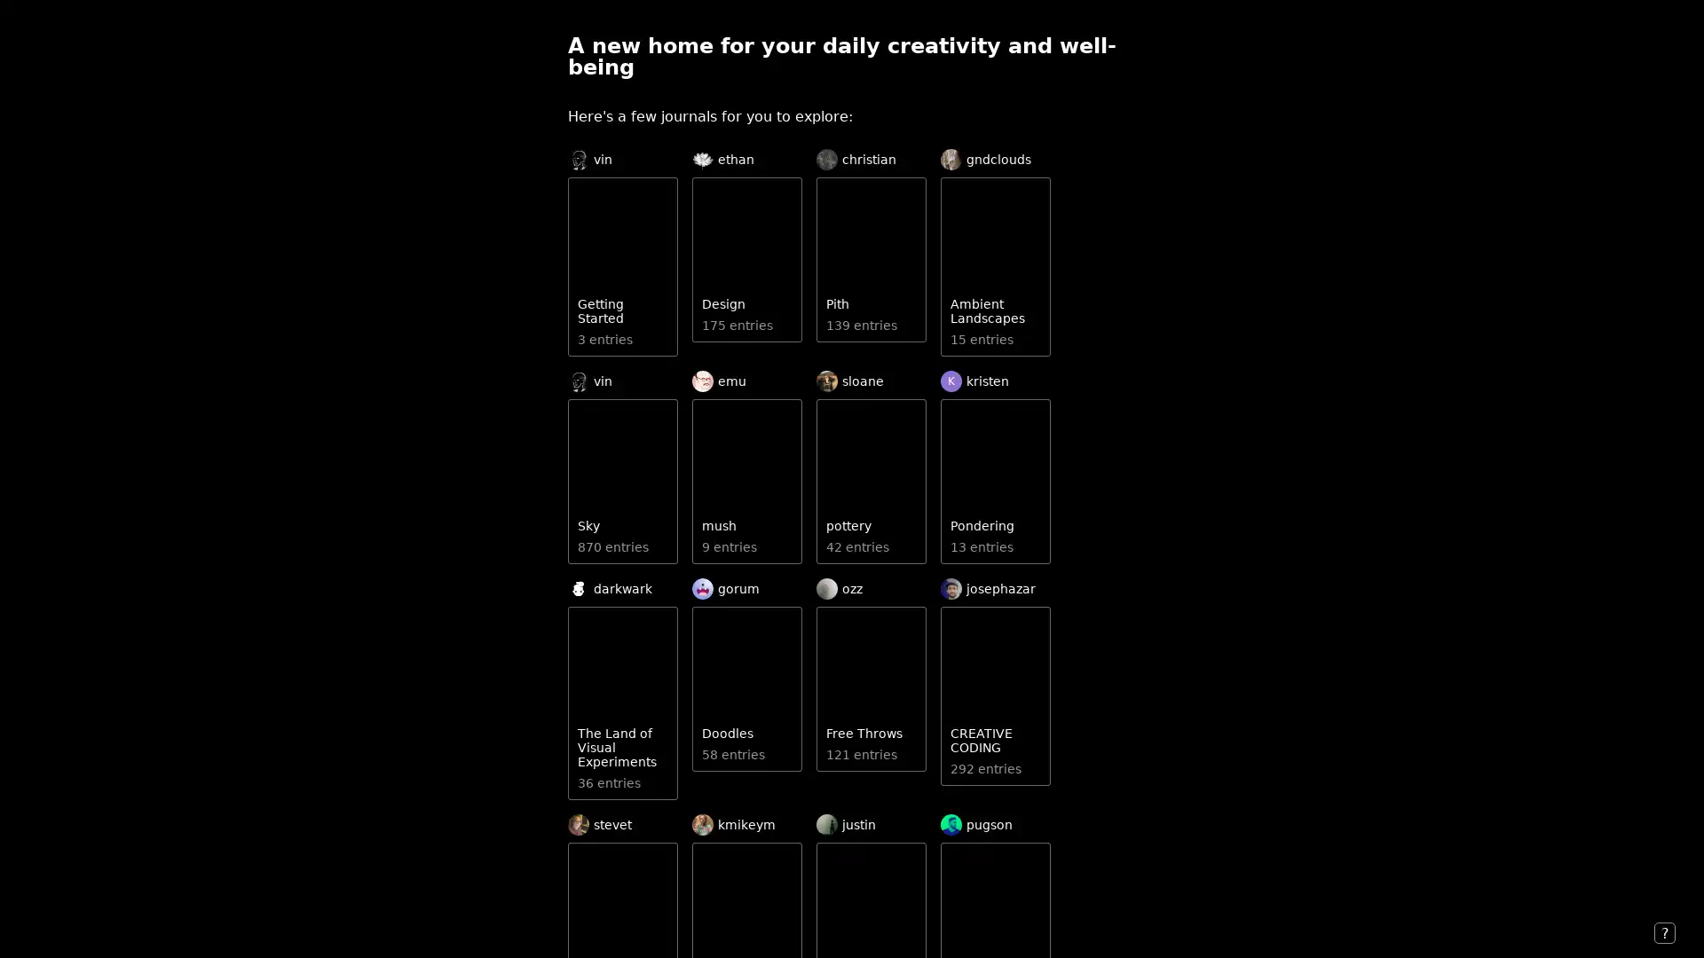  What do you see at coordinates (77, 923) in the screenshot?
I see `Recent Activity` at bounding box center [77, 923].